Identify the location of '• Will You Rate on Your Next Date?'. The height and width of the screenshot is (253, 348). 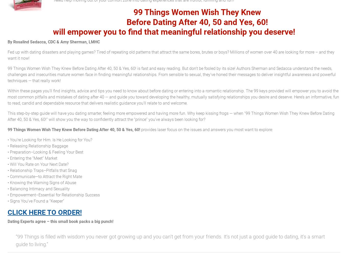
(38, 164).